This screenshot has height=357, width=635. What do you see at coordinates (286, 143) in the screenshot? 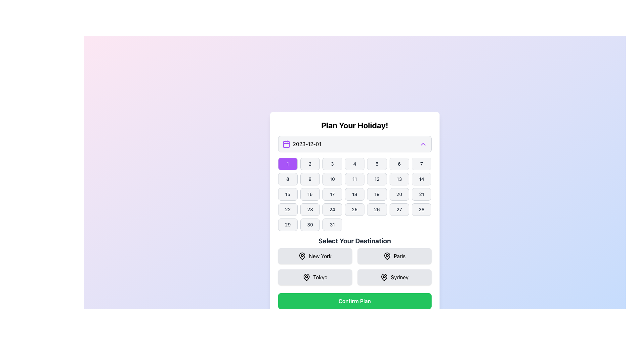
I see `the calendar icon with a purple outline and white interior, which is located on the left side of the date text '2023-12-01'` at bounding box center [286, 143].